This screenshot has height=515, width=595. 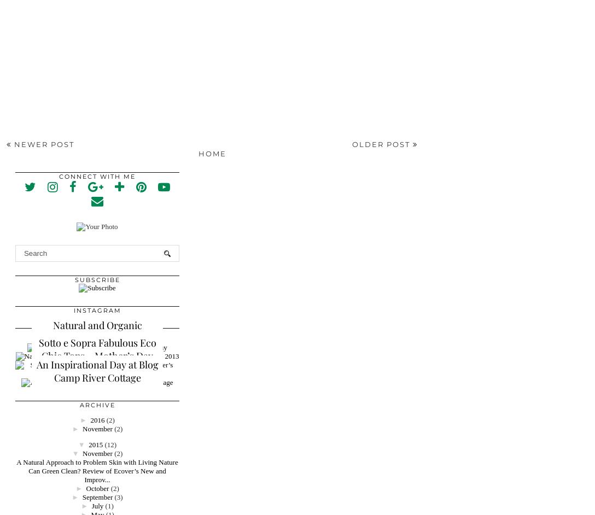 What do you see at coordinates (95, 443) in the screenshot?
I see `'2015'` at bounding box center [95, 443].